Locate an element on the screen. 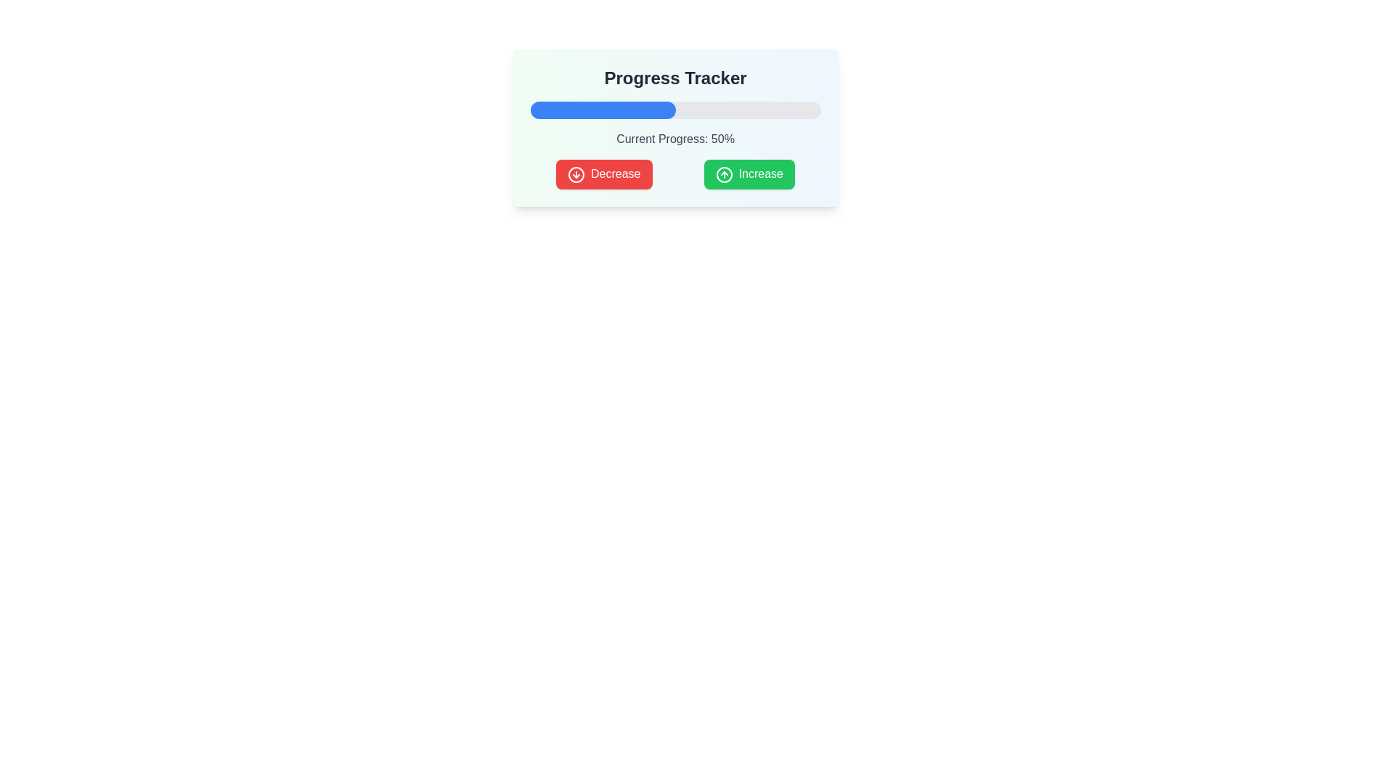  the static text label displaying 'Current Progress: 50%' which is located within the 'Progress Tracker' card interface, positioned below the progress bar and above the 'Decrease' and 'Increase' buttons is located at coordinates (674, 139).